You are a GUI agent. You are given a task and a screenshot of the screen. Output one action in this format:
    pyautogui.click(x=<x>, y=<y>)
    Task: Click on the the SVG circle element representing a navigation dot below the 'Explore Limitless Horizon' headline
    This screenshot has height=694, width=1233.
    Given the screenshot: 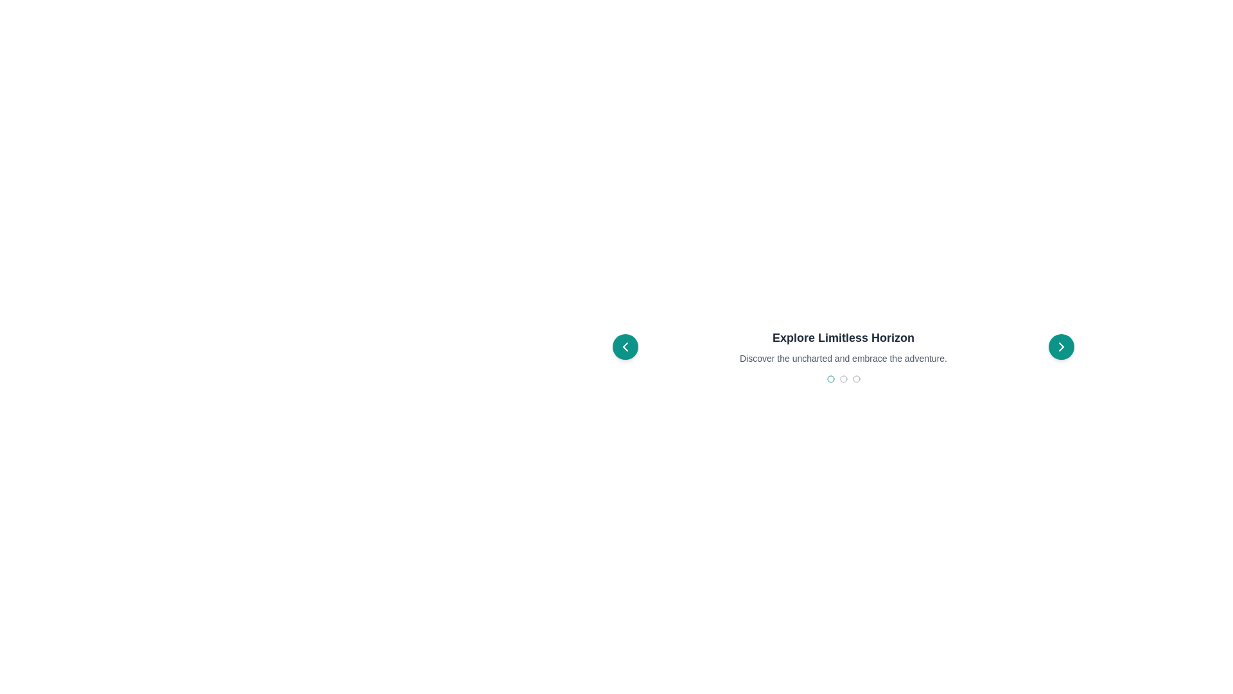 What is the action you would take?
    pyautogui.click(x=843, y=378)
    